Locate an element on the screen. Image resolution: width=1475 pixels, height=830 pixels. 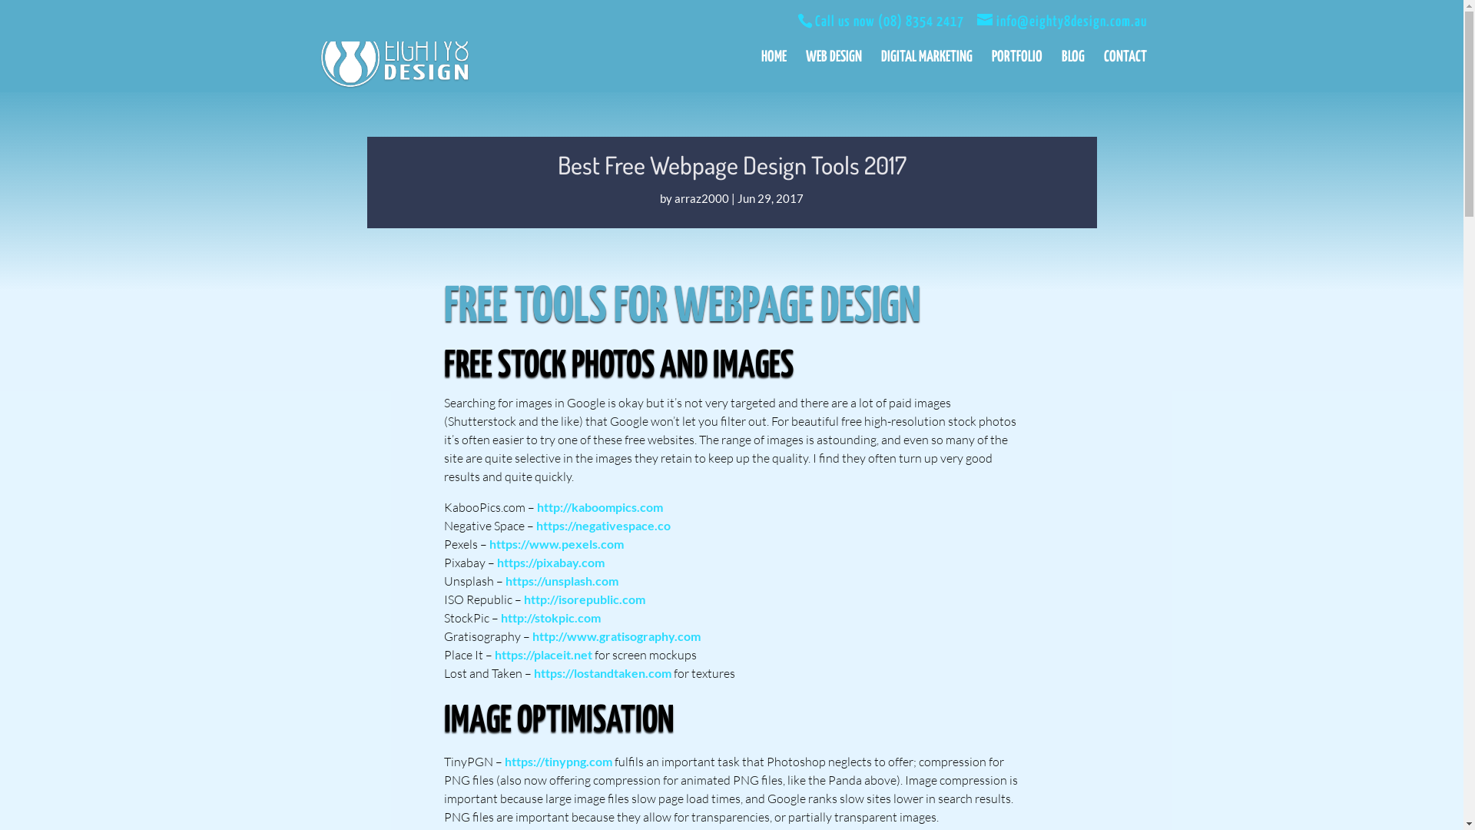
'http://isorepublic.com' is located at coordinates (584, 598).